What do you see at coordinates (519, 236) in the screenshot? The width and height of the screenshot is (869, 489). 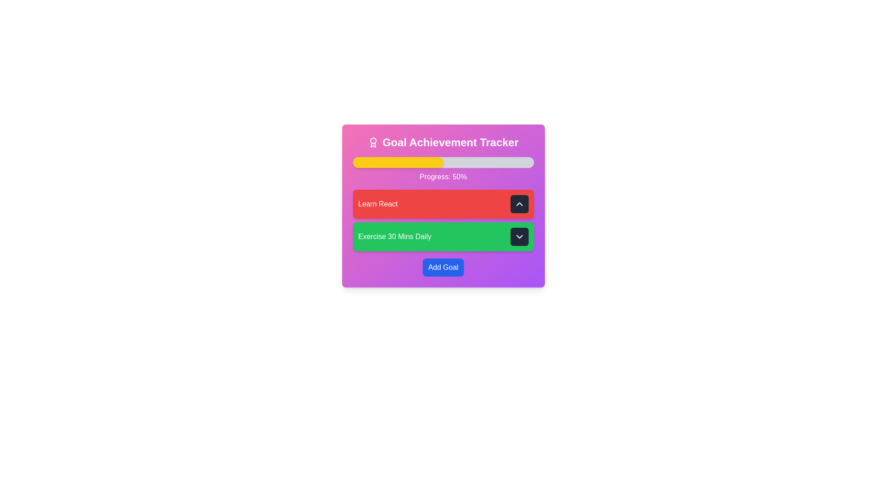 I see `the button located inside the green card labeled 'Exercise 30 Mins Daily', positioned towards the right edge and is the second button in a series` at bounding box center [519, 236].